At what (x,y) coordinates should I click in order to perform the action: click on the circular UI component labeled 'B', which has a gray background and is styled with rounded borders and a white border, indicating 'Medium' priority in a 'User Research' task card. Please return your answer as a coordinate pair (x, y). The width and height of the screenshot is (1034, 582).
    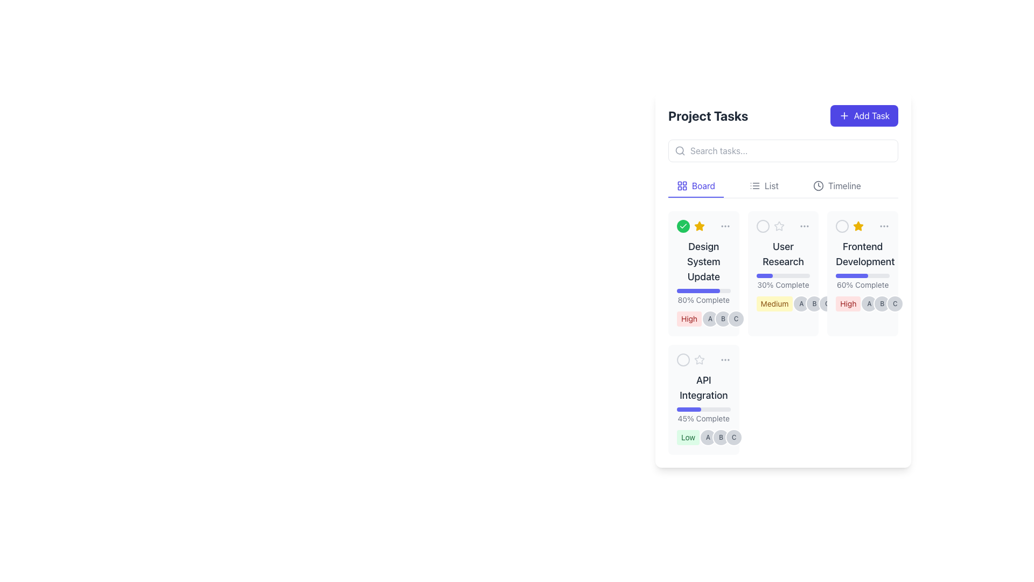
    Looking at the image, I should click on (814, 303).